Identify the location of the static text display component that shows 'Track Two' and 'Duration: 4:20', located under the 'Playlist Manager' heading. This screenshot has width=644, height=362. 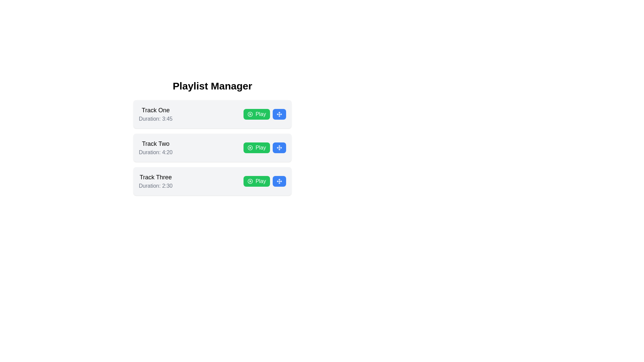
(155, 147).